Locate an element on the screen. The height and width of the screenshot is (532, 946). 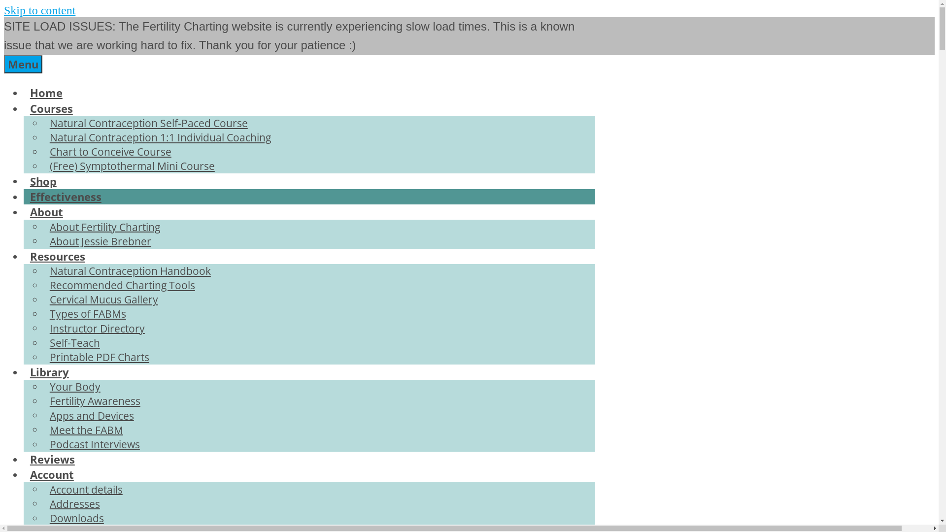
'Meet the FABM' is located at coordinates (42, 429).